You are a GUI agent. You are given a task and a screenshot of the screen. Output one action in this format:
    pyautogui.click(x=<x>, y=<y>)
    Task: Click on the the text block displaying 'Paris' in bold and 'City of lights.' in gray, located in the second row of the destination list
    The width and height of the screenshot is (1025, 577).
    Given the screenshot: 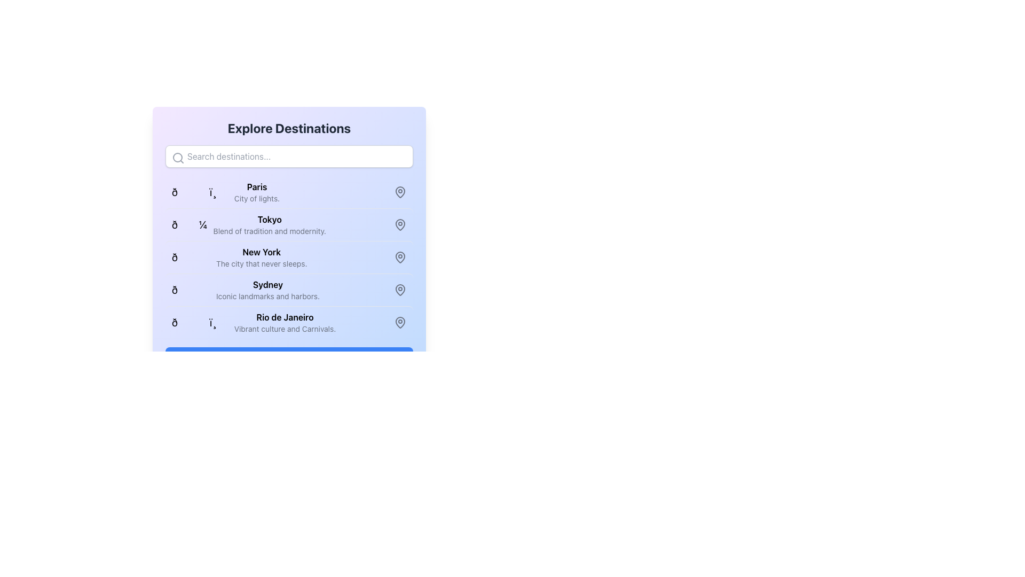 What is the action you would take?
    pyautogui.click(x=257, y=191)
    